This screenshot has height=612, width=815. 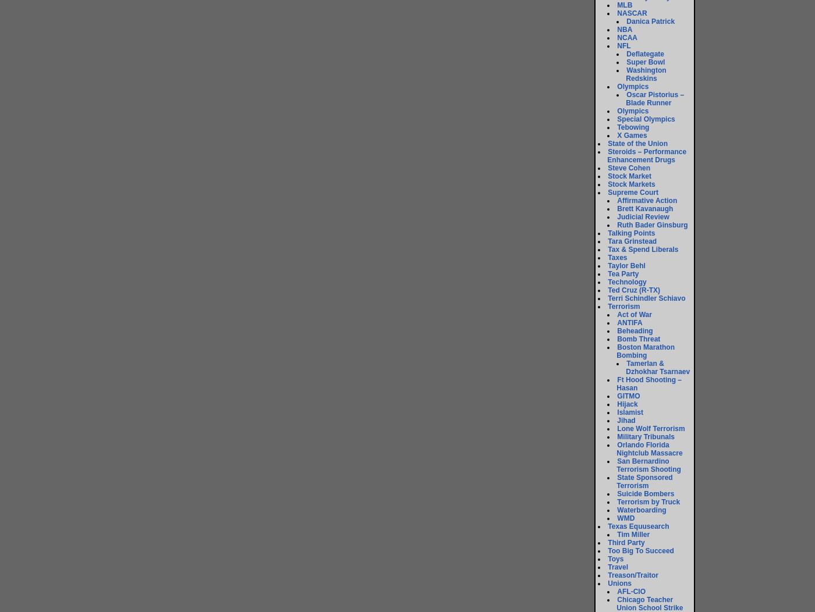 I want to click on 'Talking Points', so click(x=631, y=233).